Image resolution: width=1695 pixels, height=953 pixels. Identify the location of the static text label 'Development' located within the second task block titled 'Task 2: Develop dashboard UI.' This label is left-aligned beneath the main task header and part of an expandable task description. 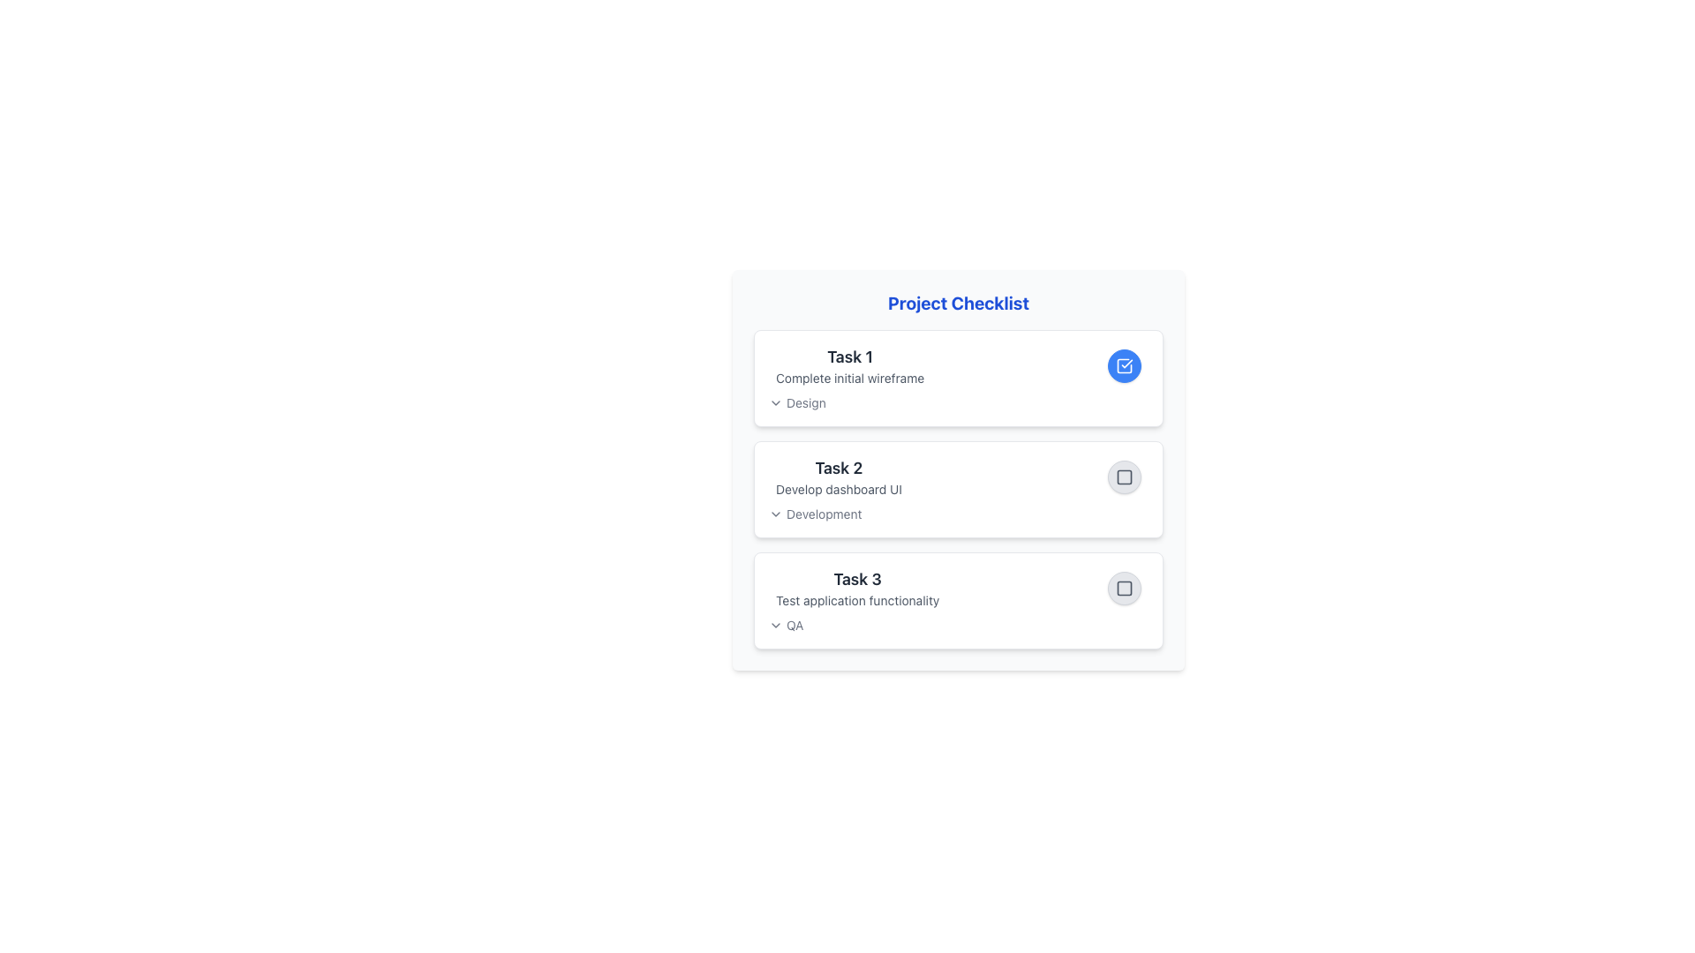
(823, 514).